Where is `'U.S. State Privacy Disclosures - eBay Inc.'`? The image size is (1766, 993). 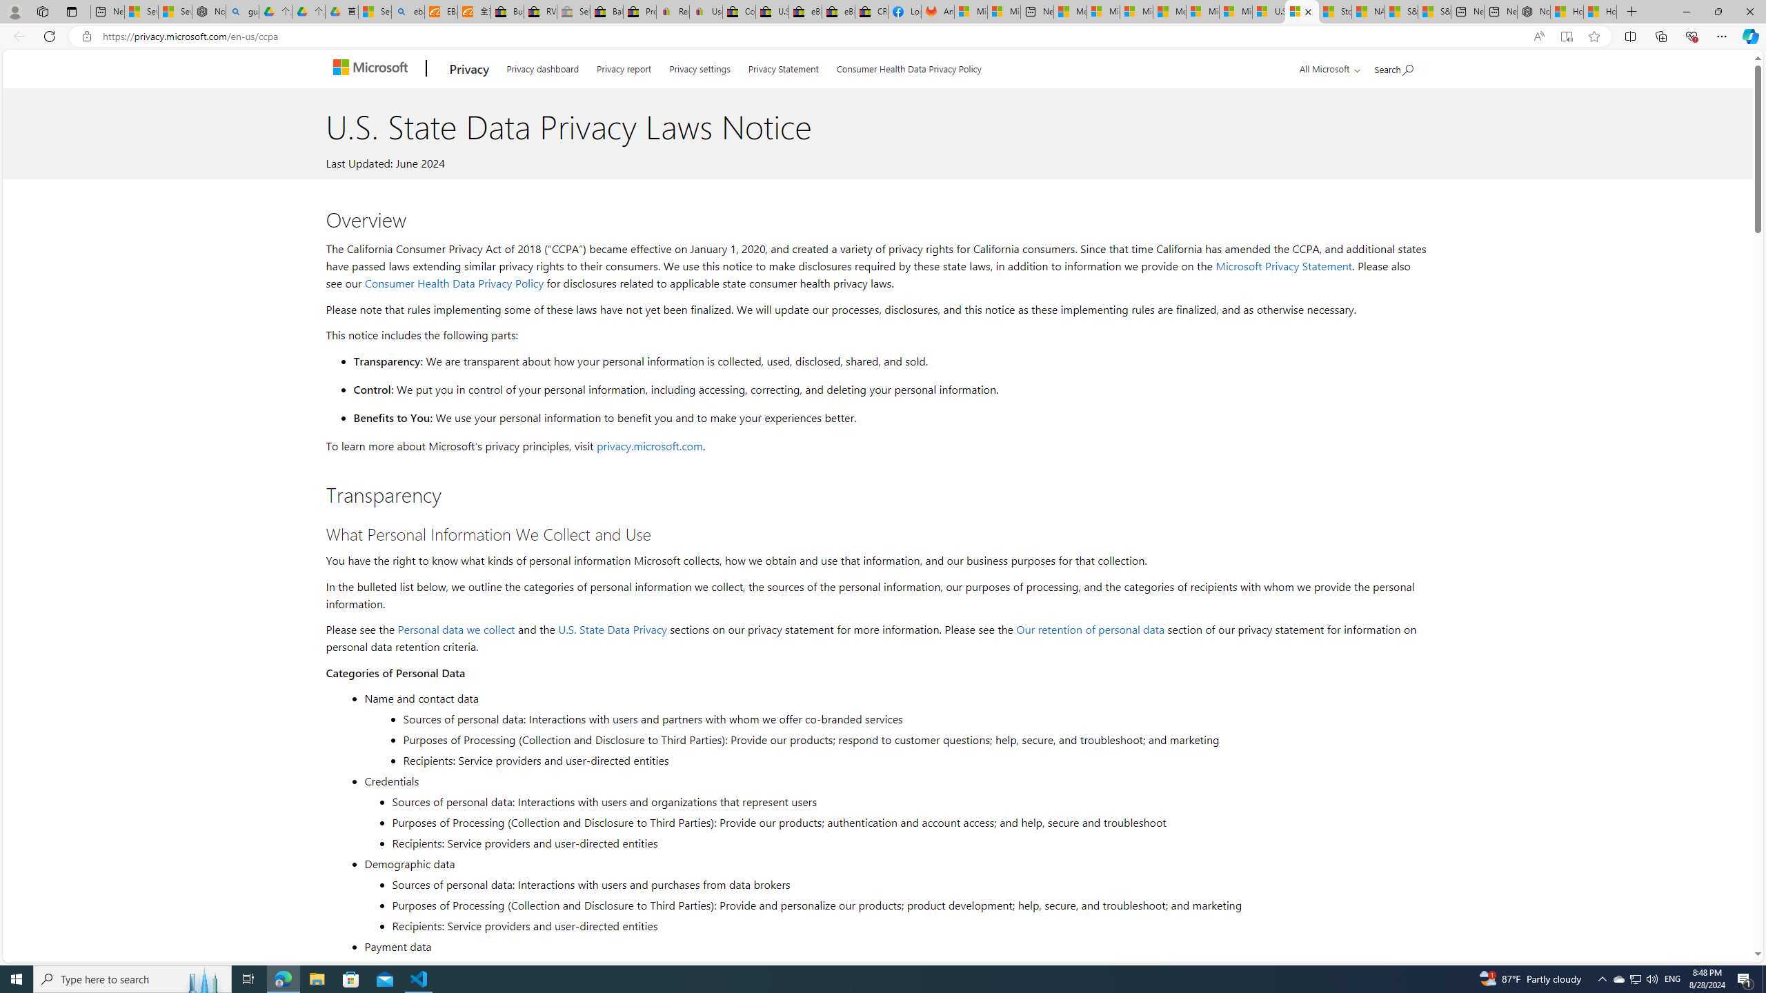
'U.S. State Privacy Disclosures - eBay Inc.' is located at coordinates (773, 11).